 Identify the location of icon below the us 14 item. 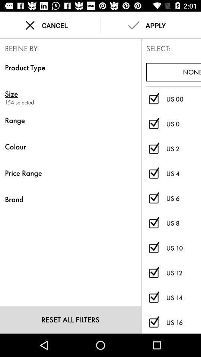
(183, 322).